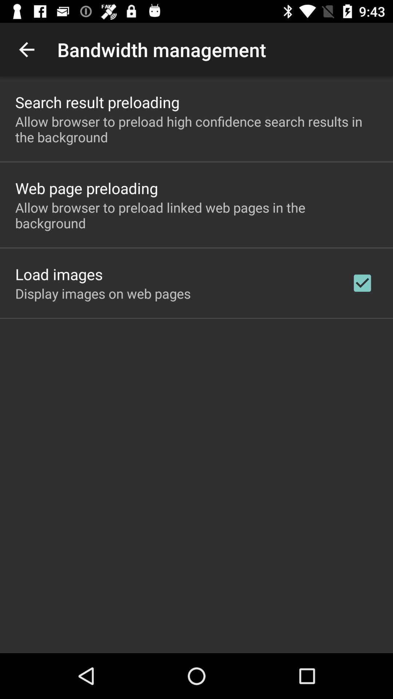 The height and width of the screenshot is (699, 393). Describe the element at coordinates (86, 188) in the screenshot. I see `icon below the allow browser to app` at that location.